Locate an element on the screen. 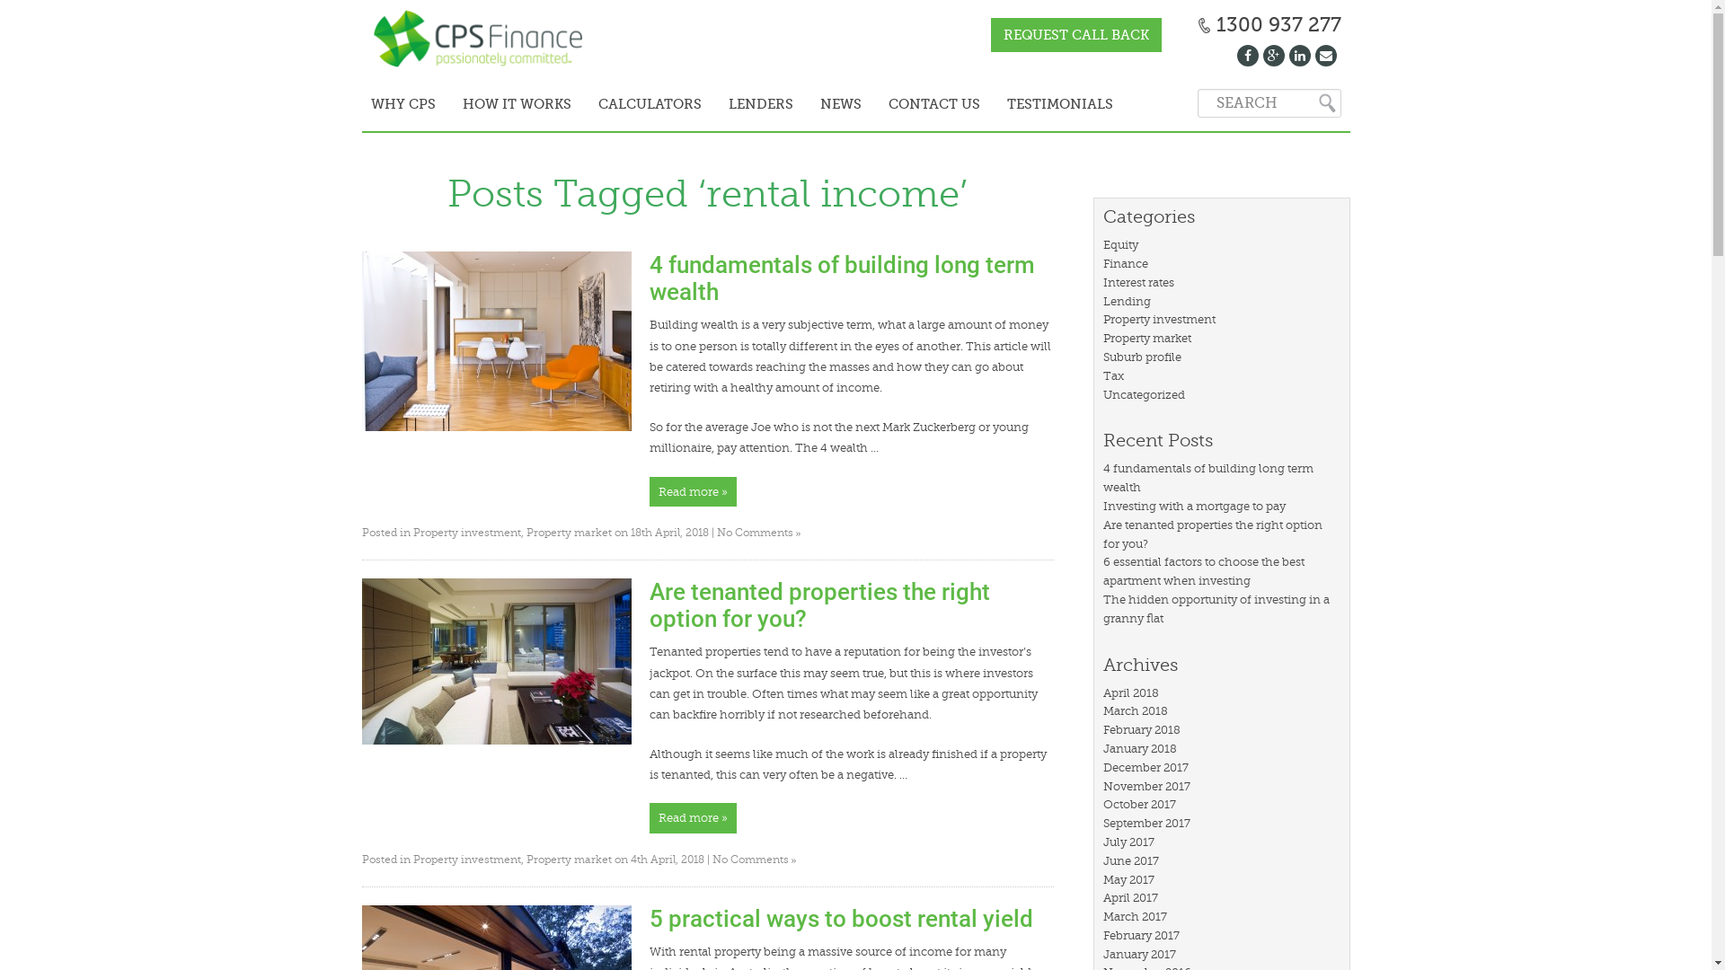 The width and height of the screenshot is (1725, 970). '5 practical ways to boost rental yield' is located at coordinates (839, 918).